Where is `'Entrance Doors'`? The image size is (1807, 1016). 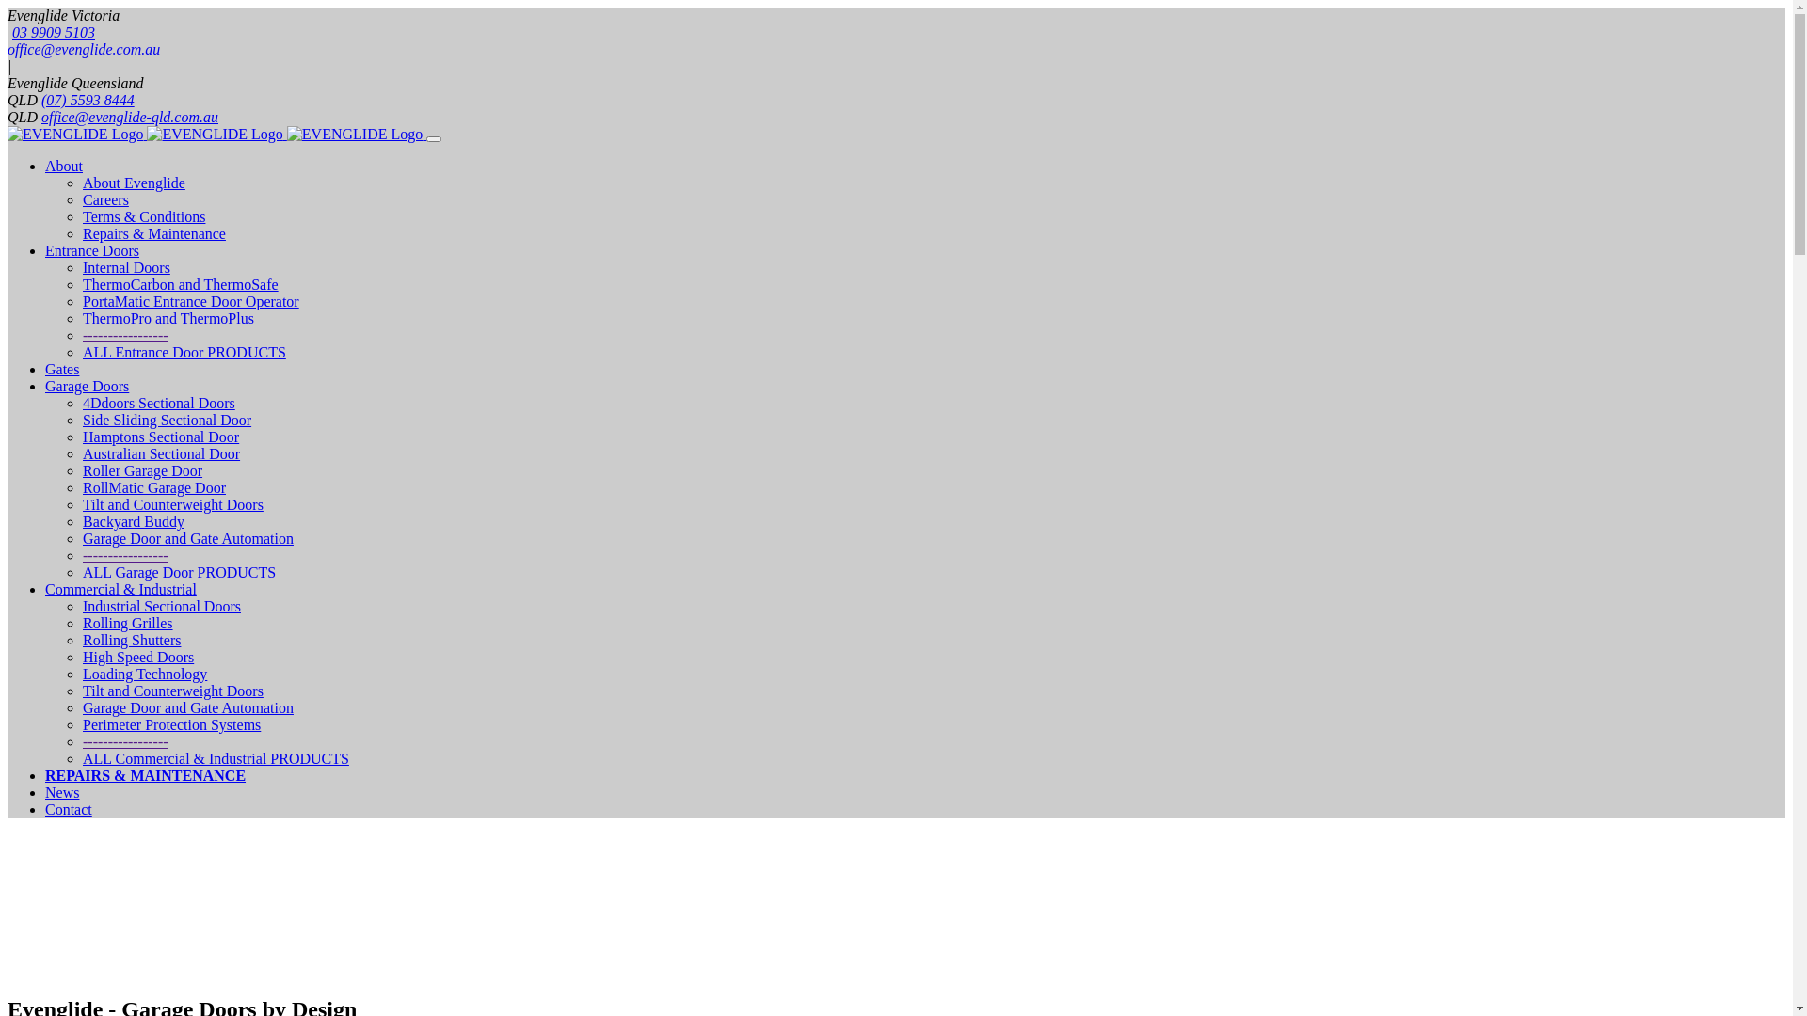 'Entrance Doors' is located at coordinates (90, 249).